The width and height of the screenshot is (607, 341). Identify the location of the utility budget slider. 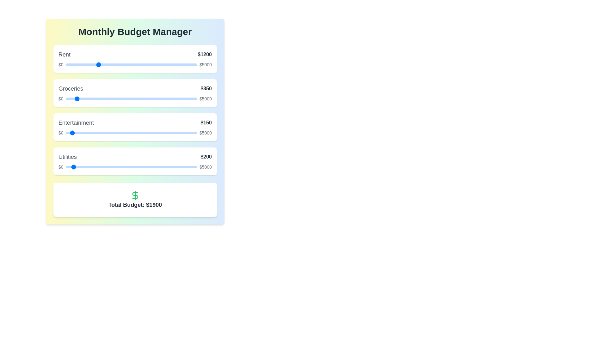
(73, 166).